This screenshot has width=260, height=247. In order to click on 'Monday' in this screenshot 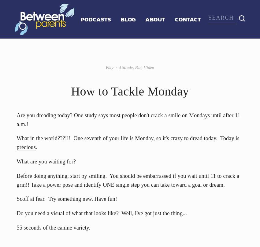, I will do `click(144, 138)`.